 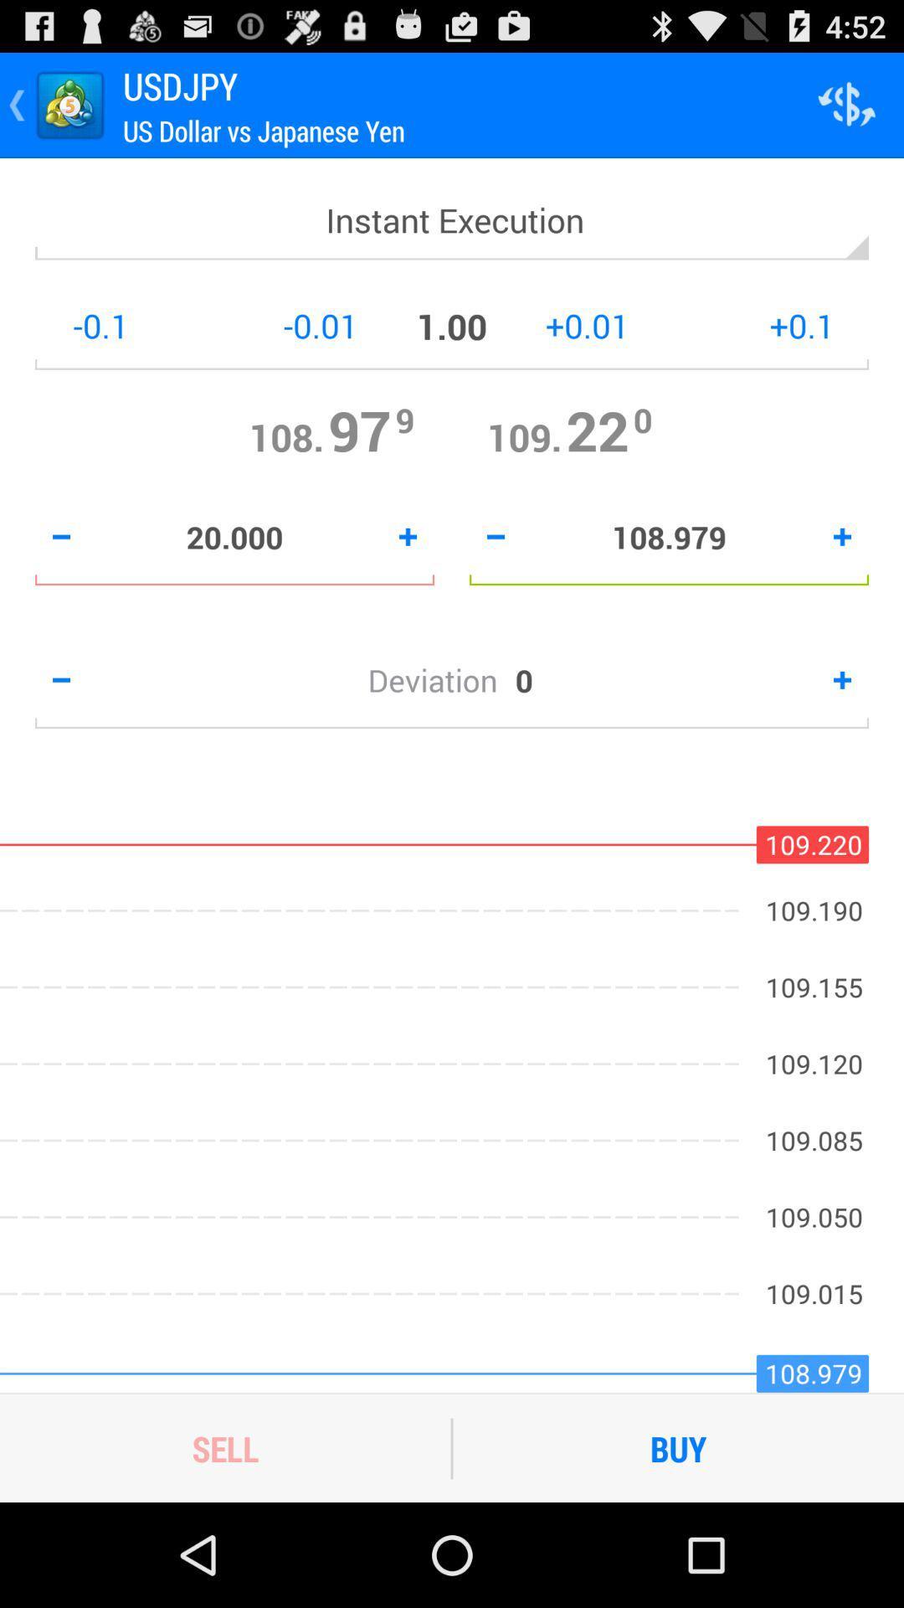 What do you see at coordinates (452, 326) in the screenshot?
I see `100` at bounding box center [452, 326].